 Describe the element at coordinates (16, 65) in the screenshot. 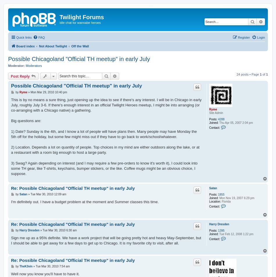

I see `'Moderator:'` at that location.